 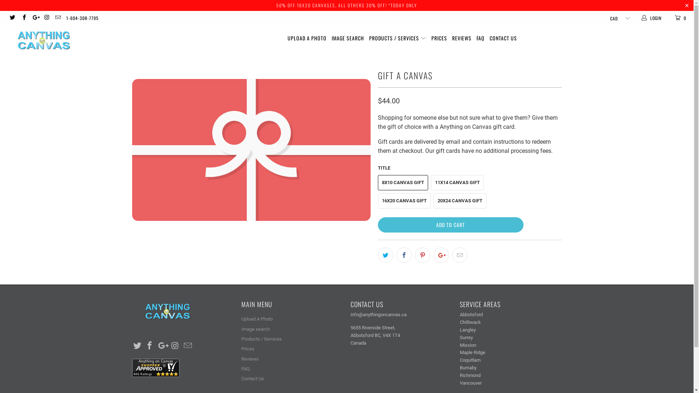 I want to click on 'Prices', so click(x=248, y=348).